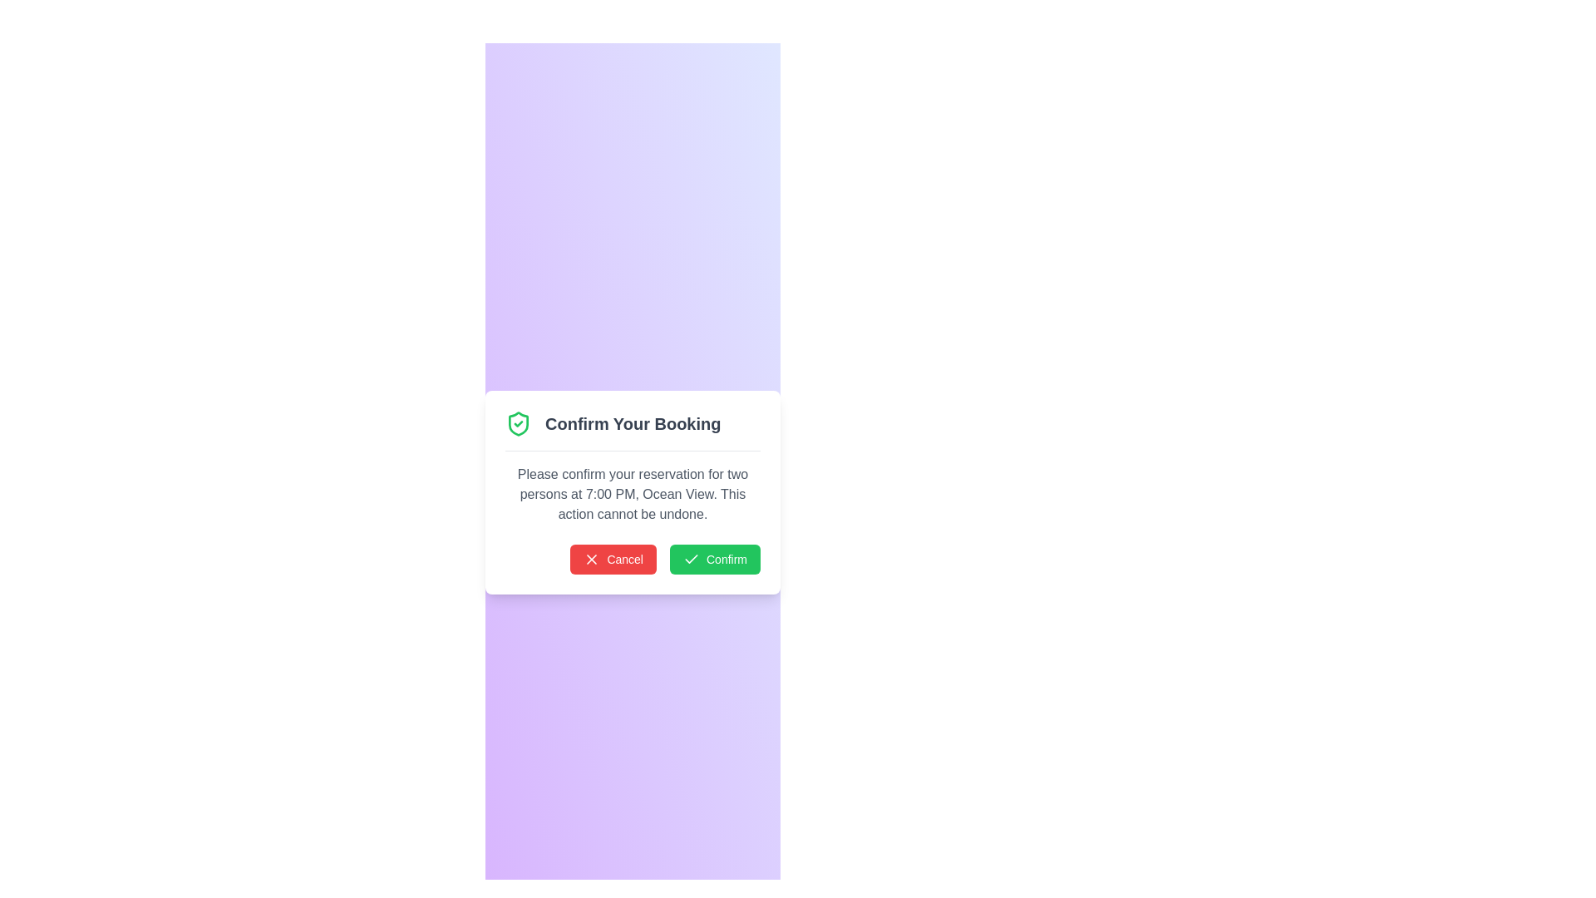 This screenshot has width=1596, height=898. Describe the element at coordinates (613, 559) in the screenshot. I see `the cancel button located at the bottom section of the modal window, which is the first button in a two-button group aligned to the left of the 'Confirm' button` at that location.